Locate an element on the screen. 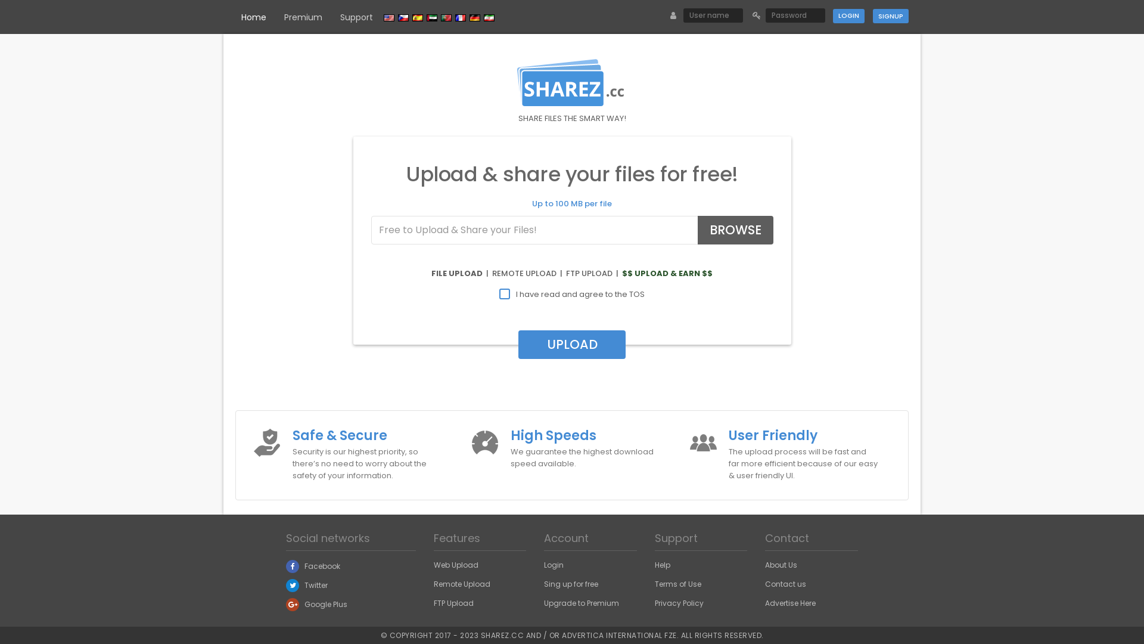 This screenshot has height=644, width=1144. 'Upgrade to Premium' is located at coordinates (581, 603).